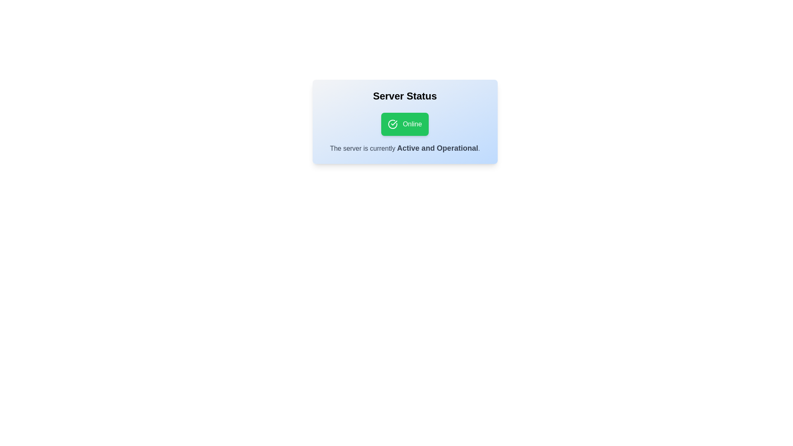  Describe the element at coordinates (405, 124) in the screenshot. I see `the 'Online' button to toggle the server status` at that location.